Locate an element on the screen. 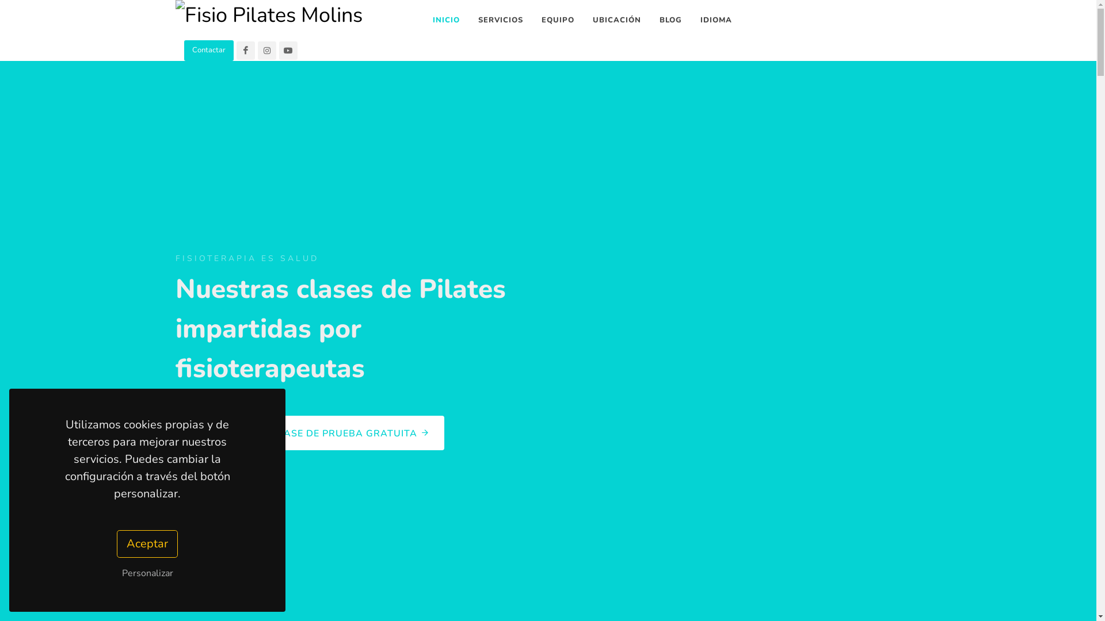 Image resolution: width=1105 pixels, height=621 pixels. 'Personalizar' is located at coordinates (113, 573).